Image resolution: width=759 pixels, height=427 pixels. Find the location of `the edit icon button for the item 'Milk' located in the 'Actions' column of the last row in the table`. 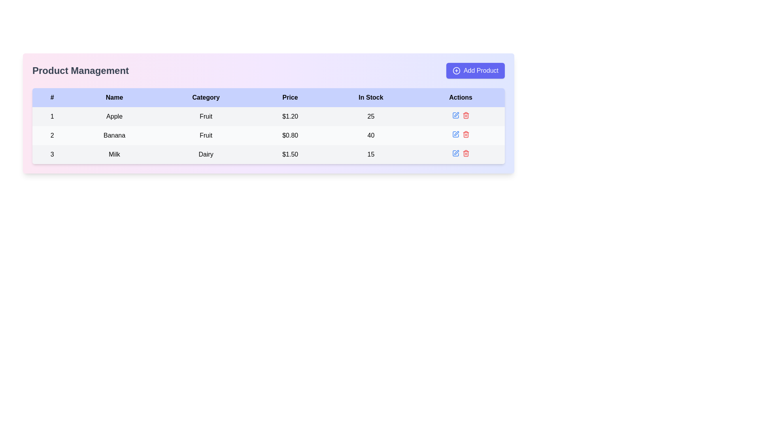

the edit icon button for the item 'Milk' located in the 'Actions' column of the last row in the table is located at coordinates (455, 153).